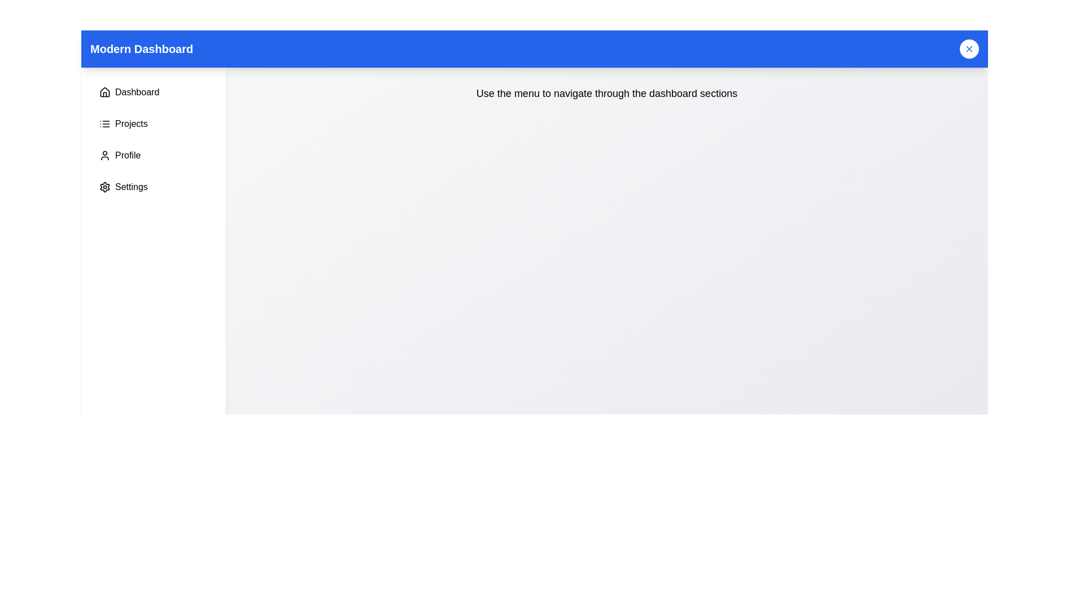  What do you see at coordinates (105, 186) in the screenshot?
I see `the settings icon represented by a cogwheel graphic outline, located in the vertical navigation menu next to the 'Settings' label` at bounding box center [105, 186].